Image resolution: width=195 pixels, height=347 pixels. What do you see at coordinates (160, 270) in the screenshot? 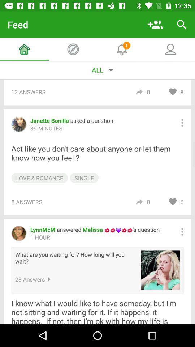
I see `gif` at bounding box center [160, 270].